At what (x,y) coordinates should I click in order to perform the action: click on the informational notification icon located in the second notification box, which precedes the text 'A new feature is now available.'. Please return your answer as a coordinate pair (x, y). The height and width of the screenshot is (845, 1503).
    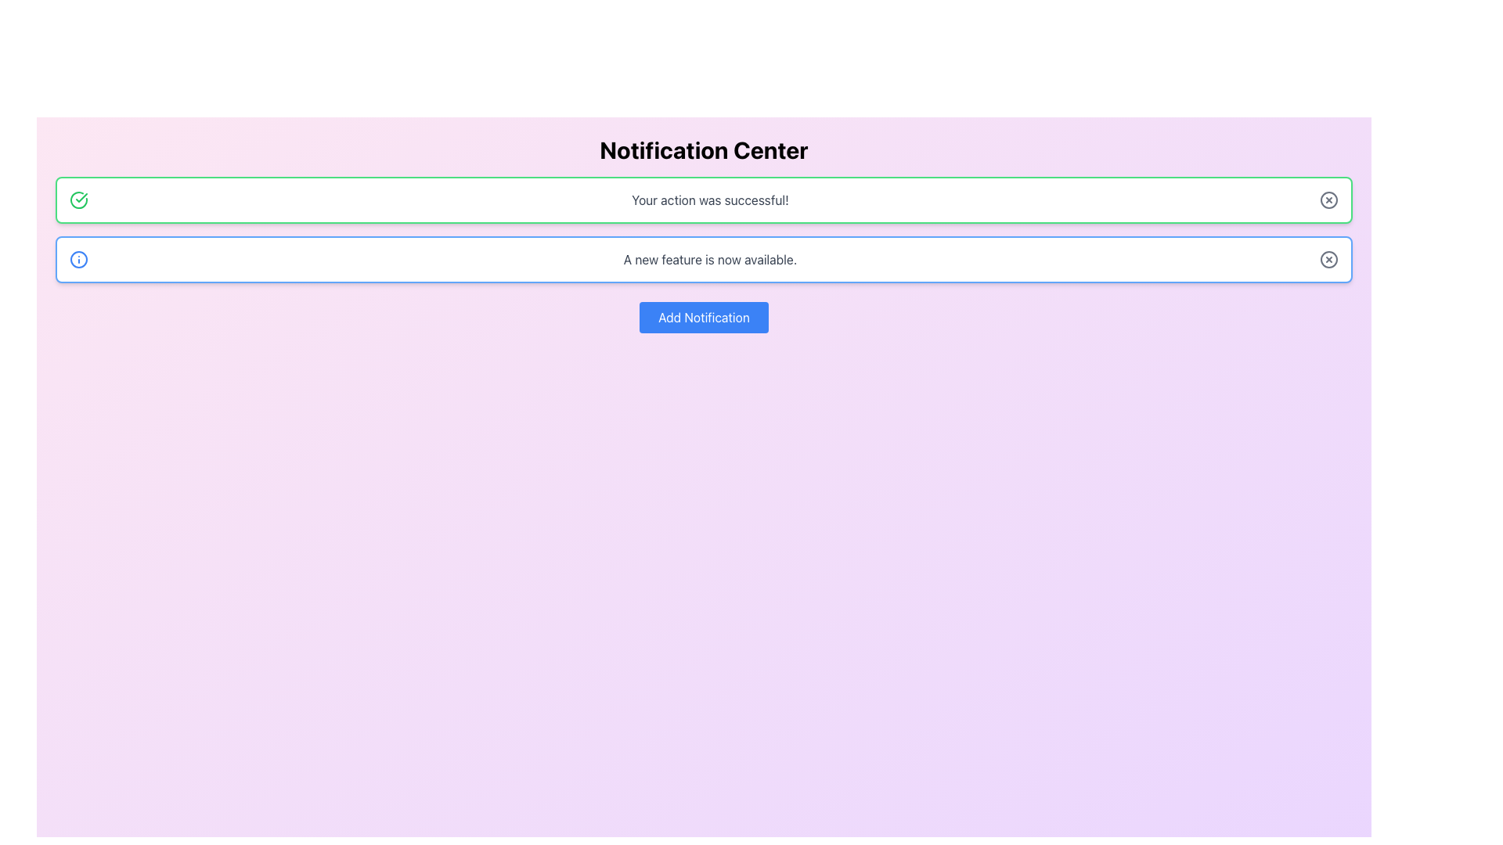
    Looking at the image, I should click on (77, 258).